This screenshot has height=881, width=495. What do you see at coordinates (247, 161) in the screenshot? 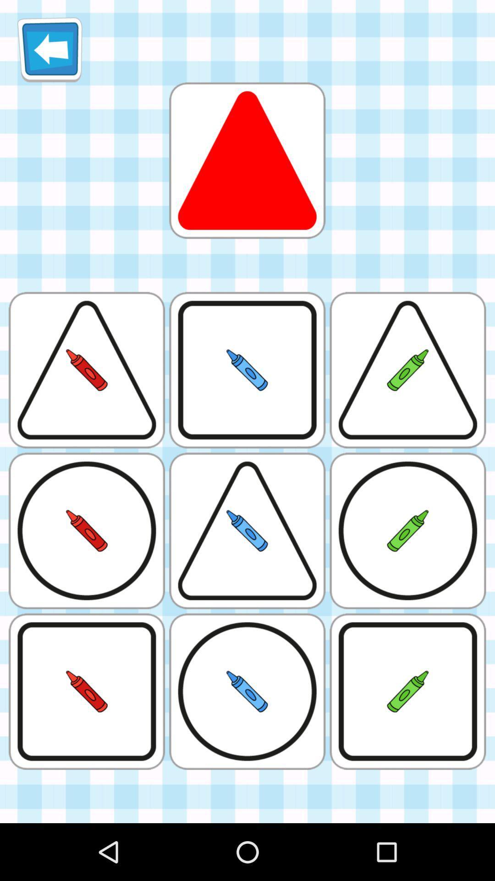
I see `the image in the first row` at bounding box center [247, 161].